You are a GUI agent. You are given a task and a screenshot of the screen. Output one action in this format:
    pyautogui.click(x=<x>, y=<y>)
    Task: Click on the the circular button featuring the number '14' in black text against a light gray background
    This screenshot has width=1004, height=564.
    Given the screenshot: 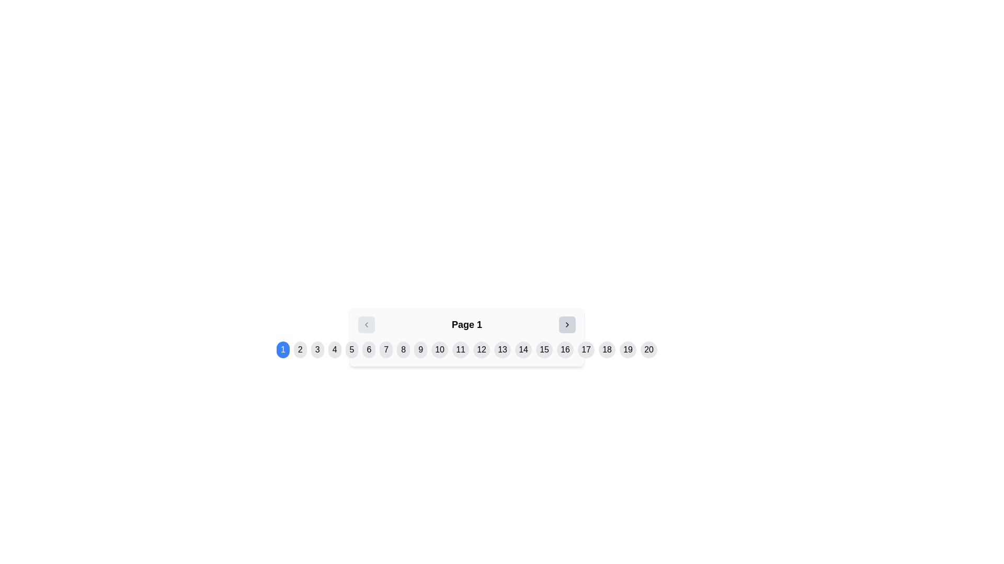 What is the action you would take?
    pyautogui.click(x=523, y=350)
    